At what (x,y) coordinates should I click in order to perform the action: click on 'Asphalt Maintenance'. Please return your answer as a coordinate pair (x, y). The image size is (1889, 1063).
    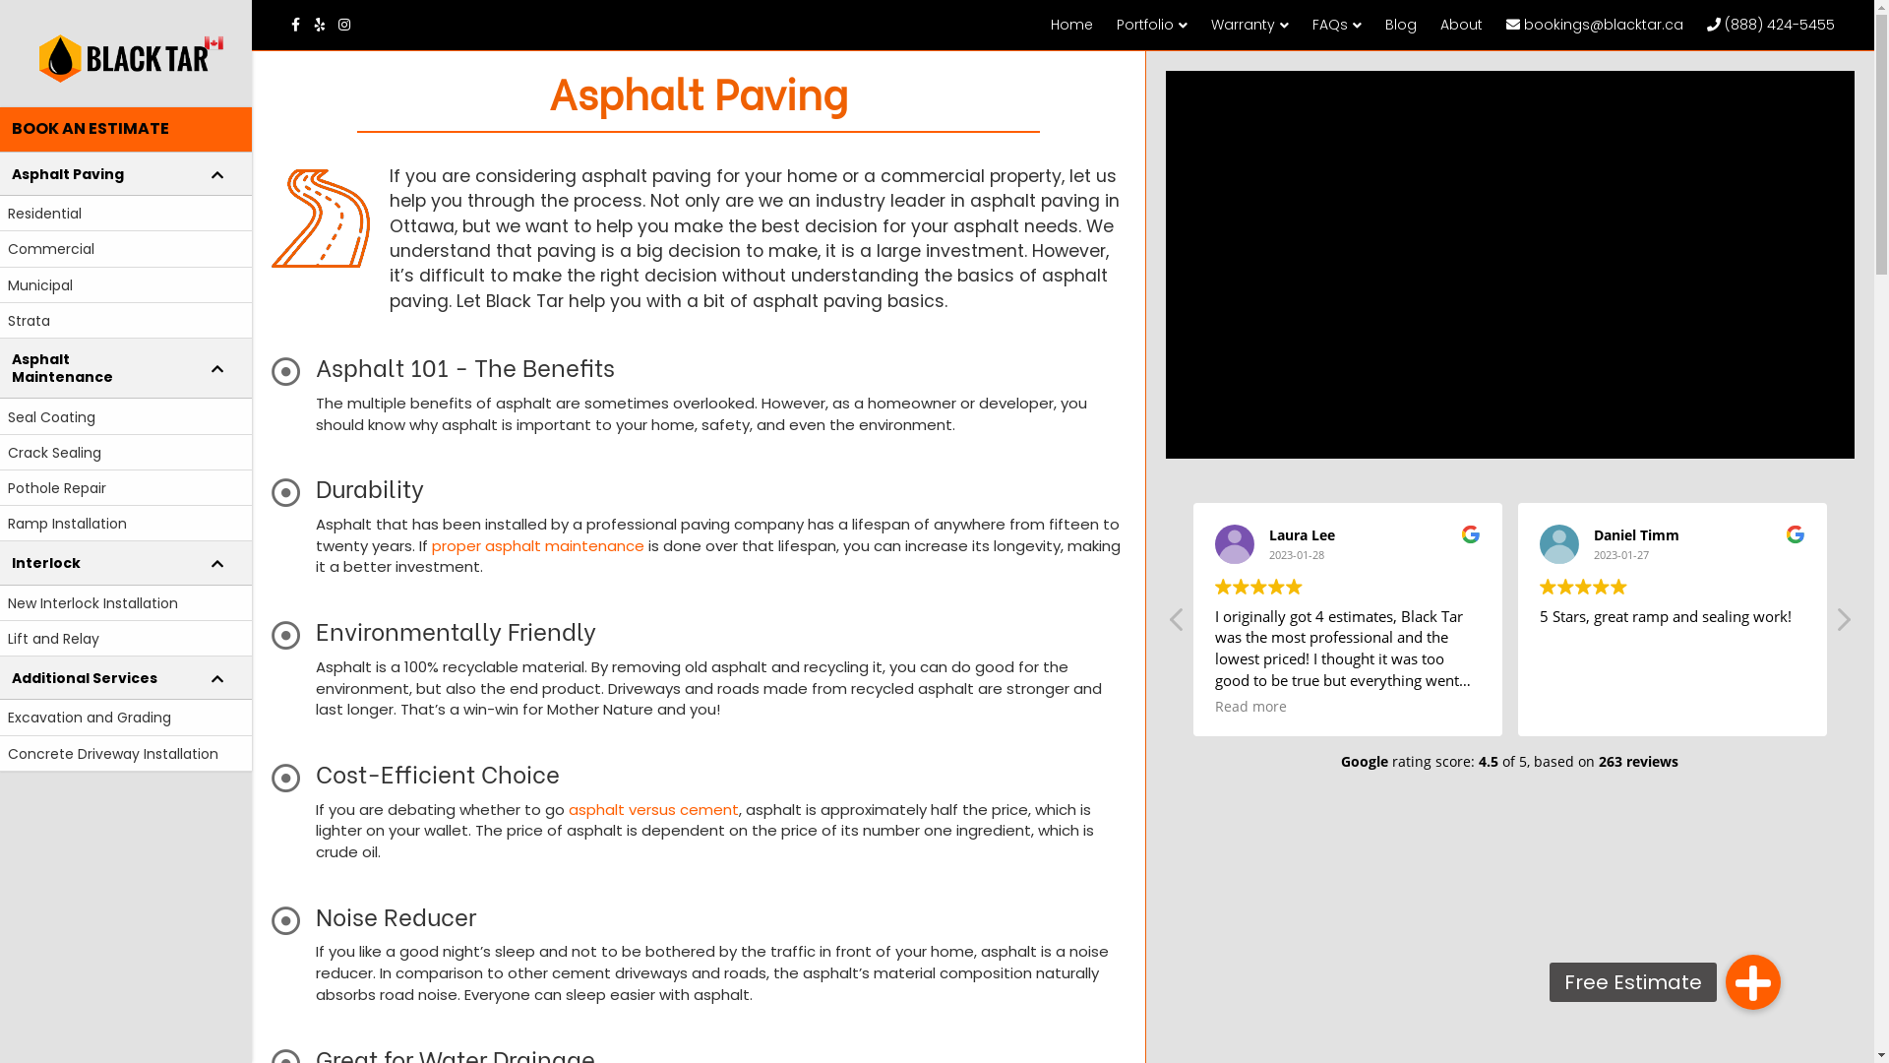
    Looking at the image, I should click on (125, 368).